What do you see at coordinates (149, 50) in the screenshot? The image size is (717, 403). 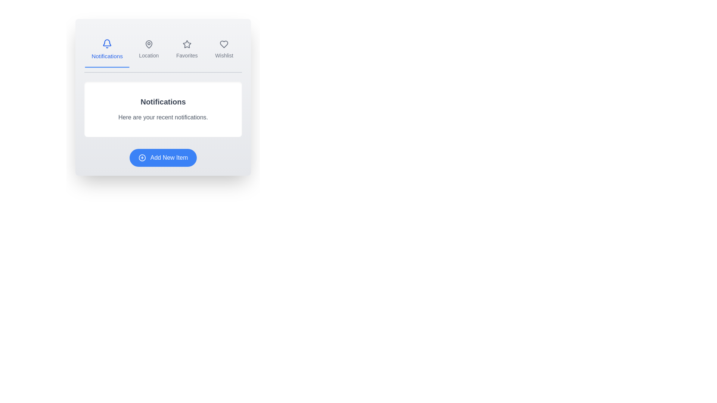 I see `the tab labeled Location` at bounding box center [149, 50].